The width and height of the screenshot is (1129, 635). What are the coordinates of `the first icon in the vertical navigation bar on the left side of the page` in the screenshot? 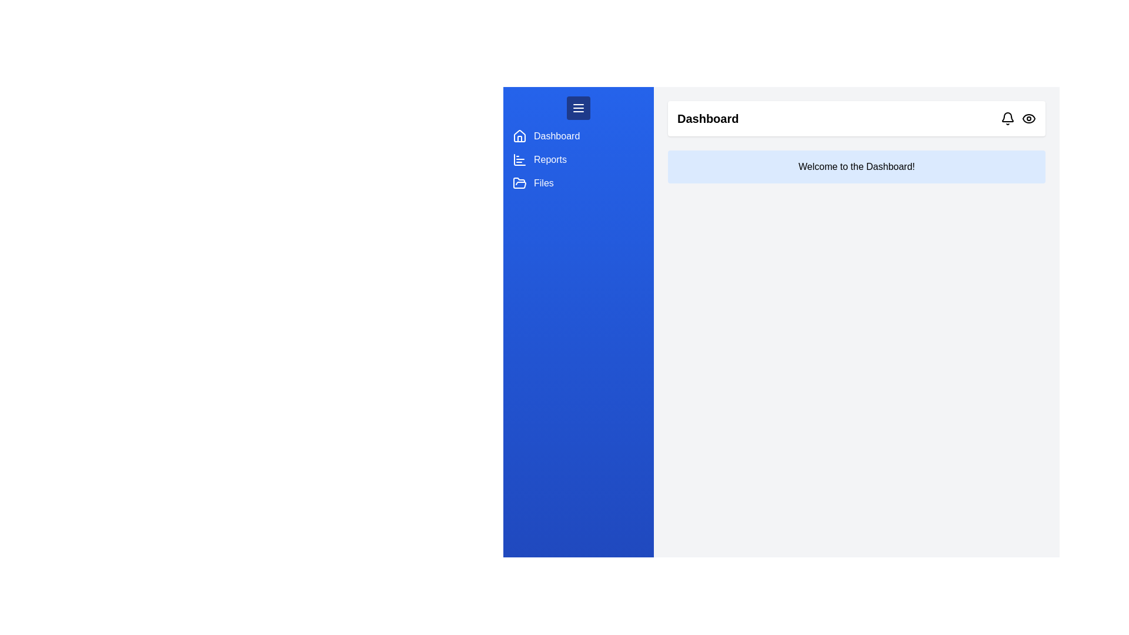 It's located at (519, 135).